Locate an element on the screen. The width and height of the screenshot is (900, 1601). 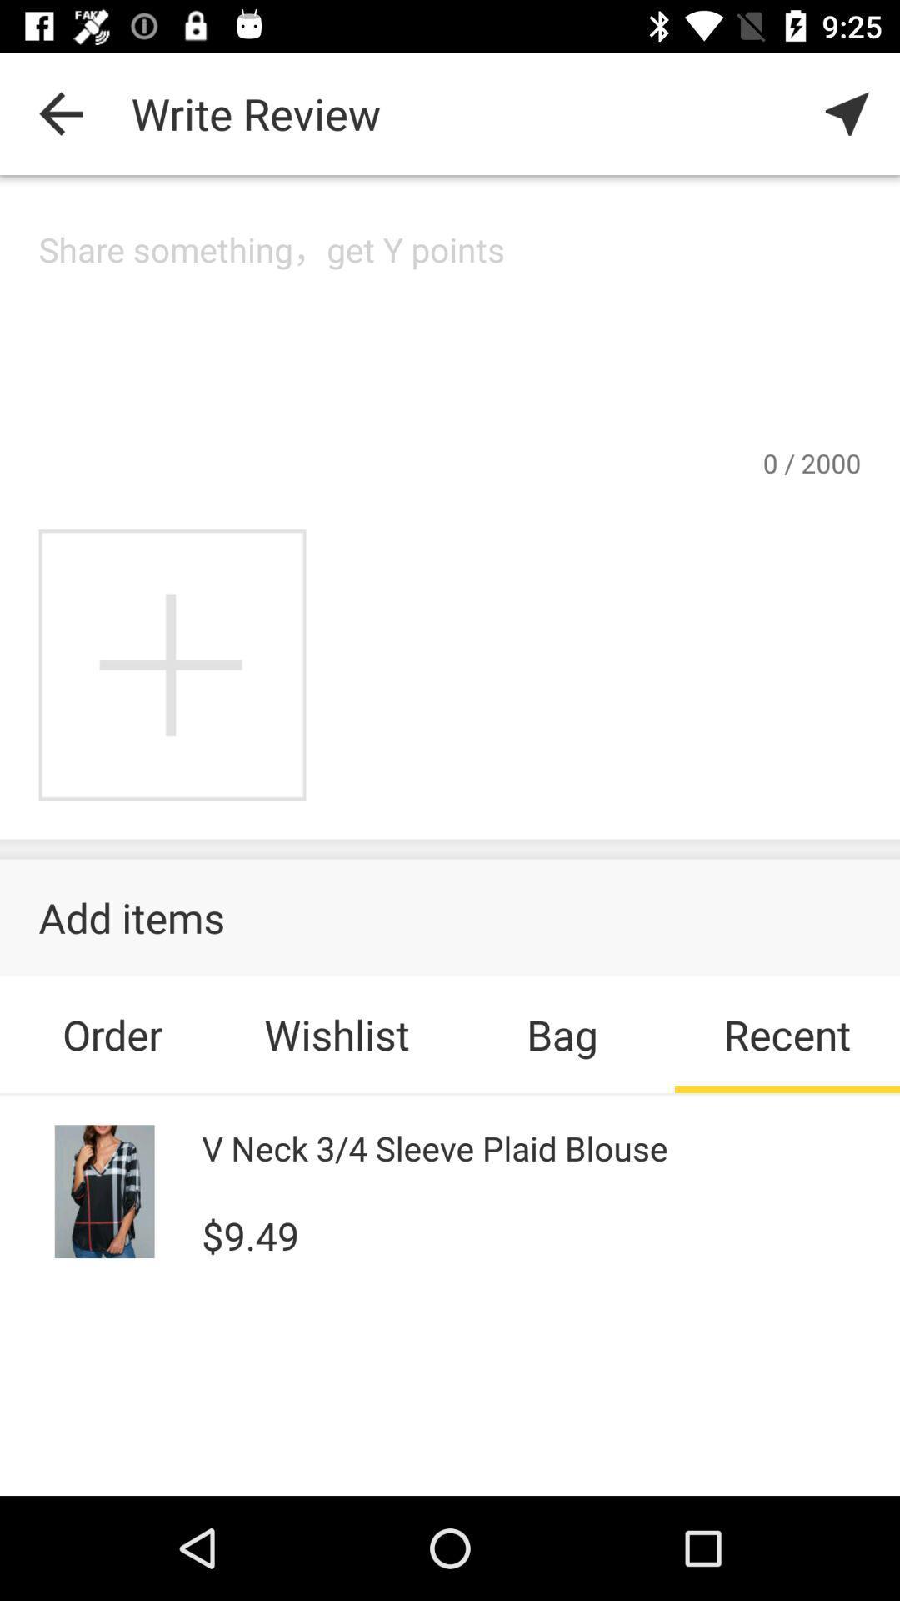
the icon to the left of the write review item is located at coordinates (60, 113).